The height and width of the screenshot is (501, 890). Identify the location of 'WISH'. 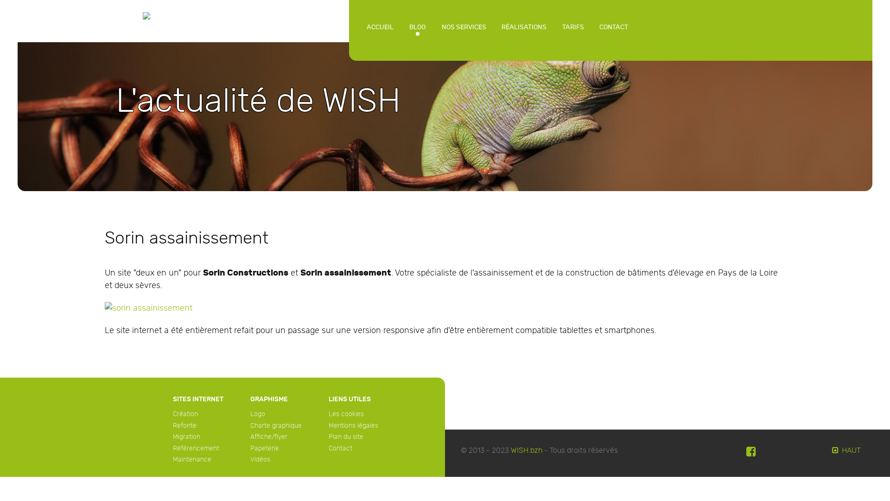
(174, 20).